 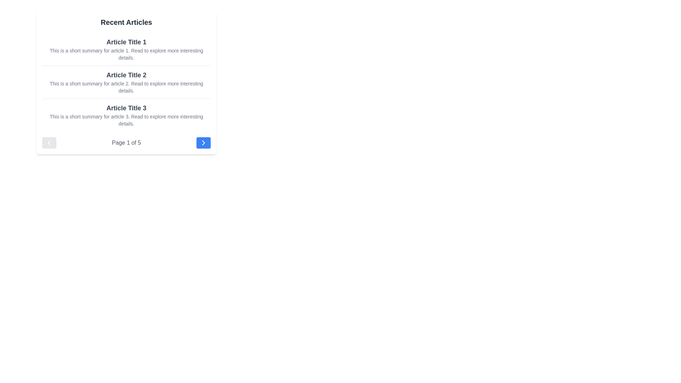 What do you see at coordinates (126, 49) in the screenshot?
I see `text from the first article preview in the 'Recent Articles' section, which includes the title and summary of the article` at bounding box center [126, 49].